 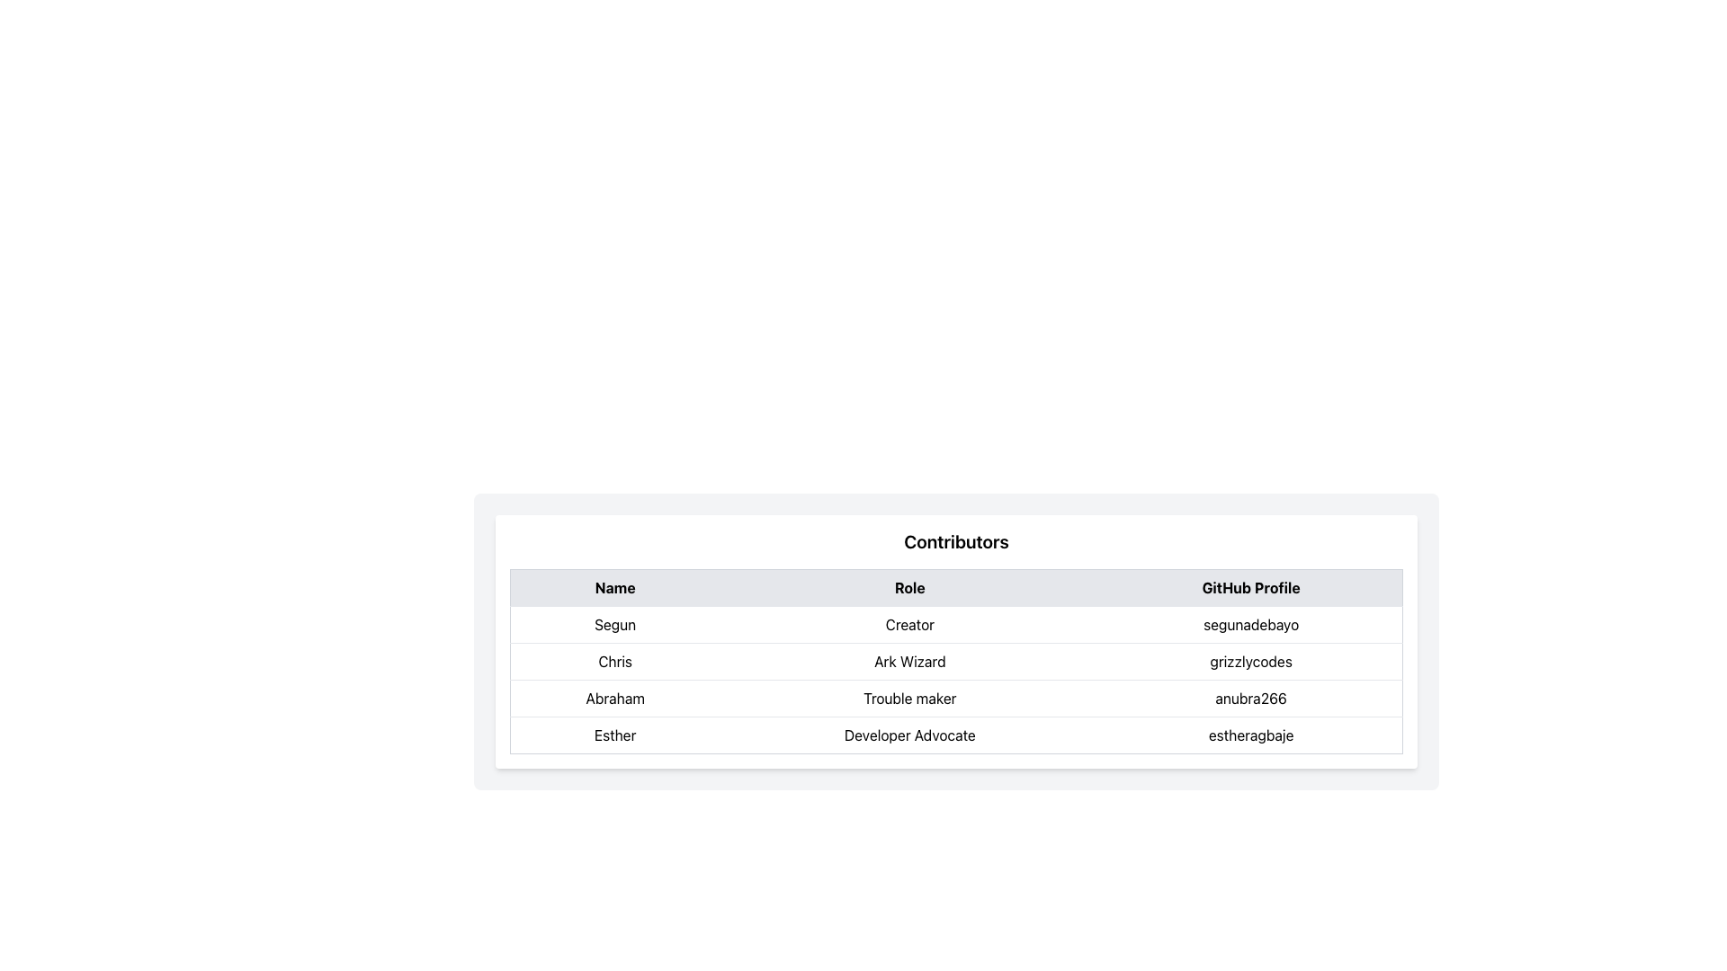 What do you see at coordinates (614, 662) in the screenshot?
I see `text displayed in the Text Label that identifies the individual named 'Chris', located in the first column under the 'Name' header in the second row of the table` at bounding box center [614, 662].